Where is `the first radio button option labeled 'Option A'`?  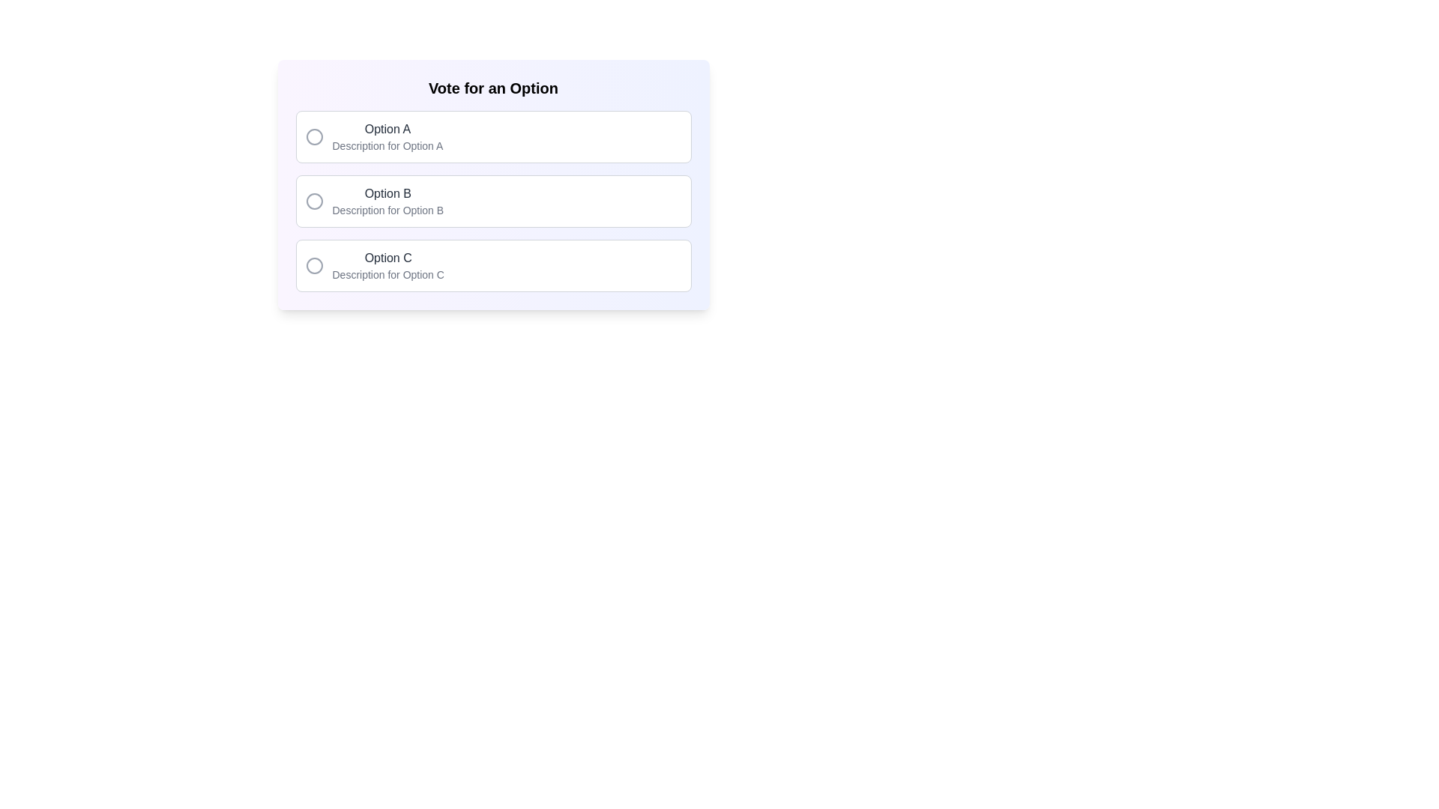
the first radio button option labeled 'Option A' is located at coordinates (493, 136).